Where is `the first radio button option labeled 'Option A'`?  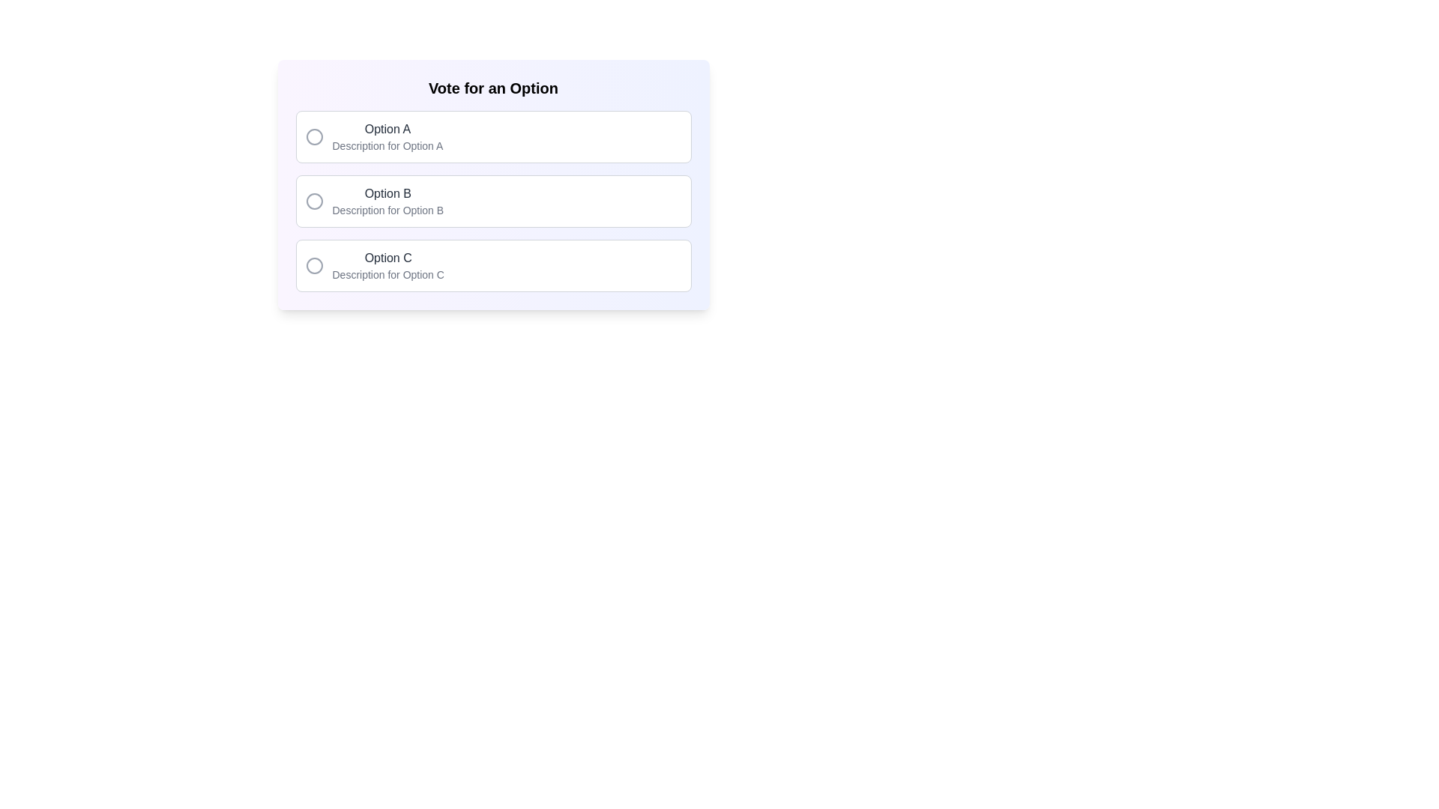
the first radio button option labeled 'Option A' is located at coordinates (493, 136).